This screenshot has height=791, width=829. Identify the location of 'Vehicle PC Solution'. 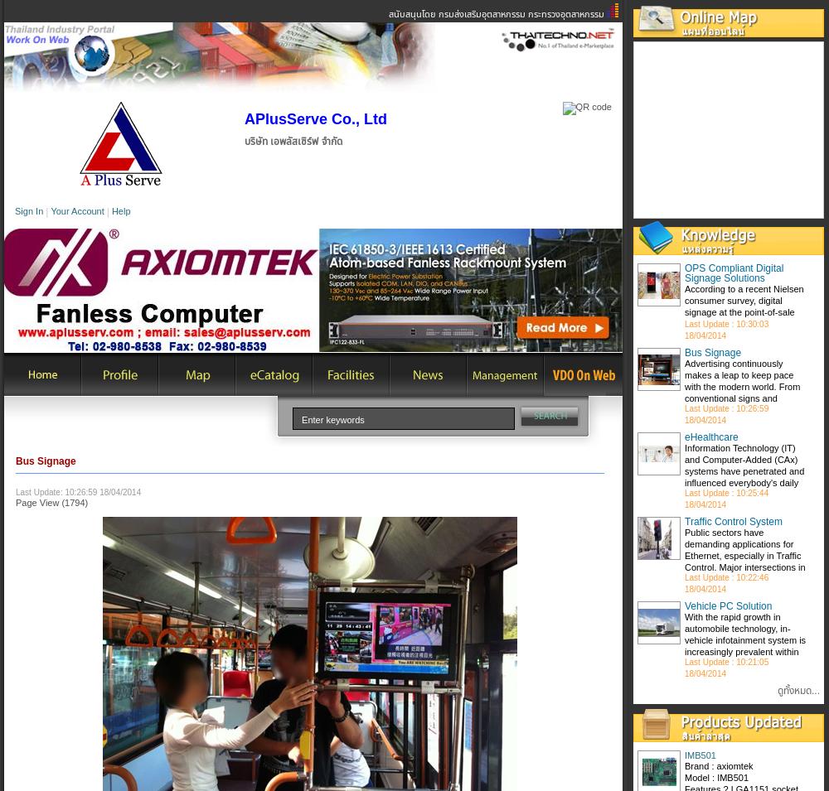
(728, 605).